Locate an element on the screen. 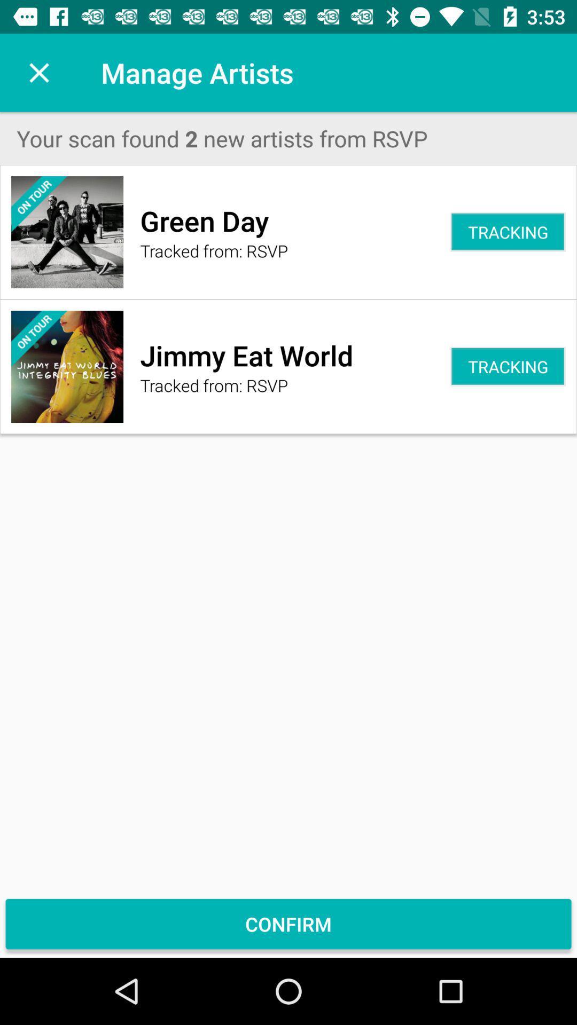  confirm icon is located at coordinates (288, 924).